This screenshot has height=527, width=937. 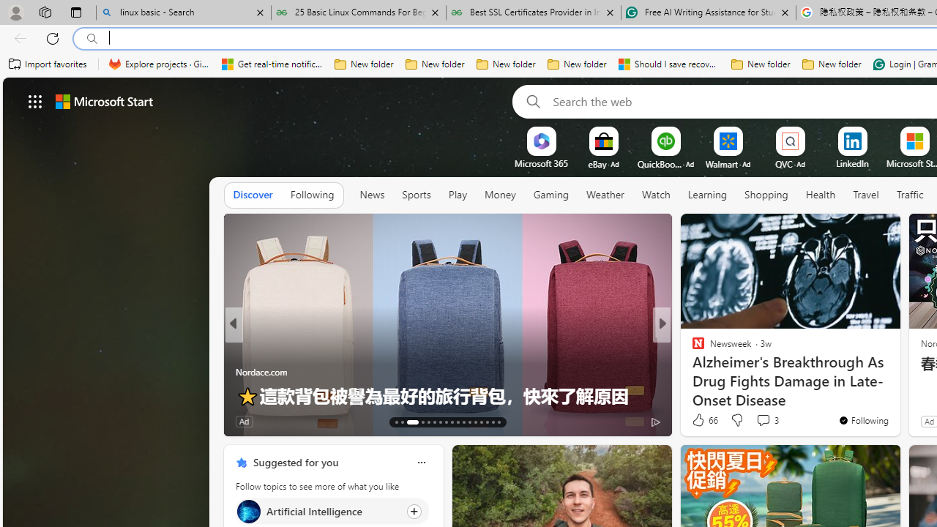 What do you see at coordinates (708, 12) in the screenshot?
I see `'Free AI Writing Assistance for Students | Grammarly'` at bounding box center [708, 12].